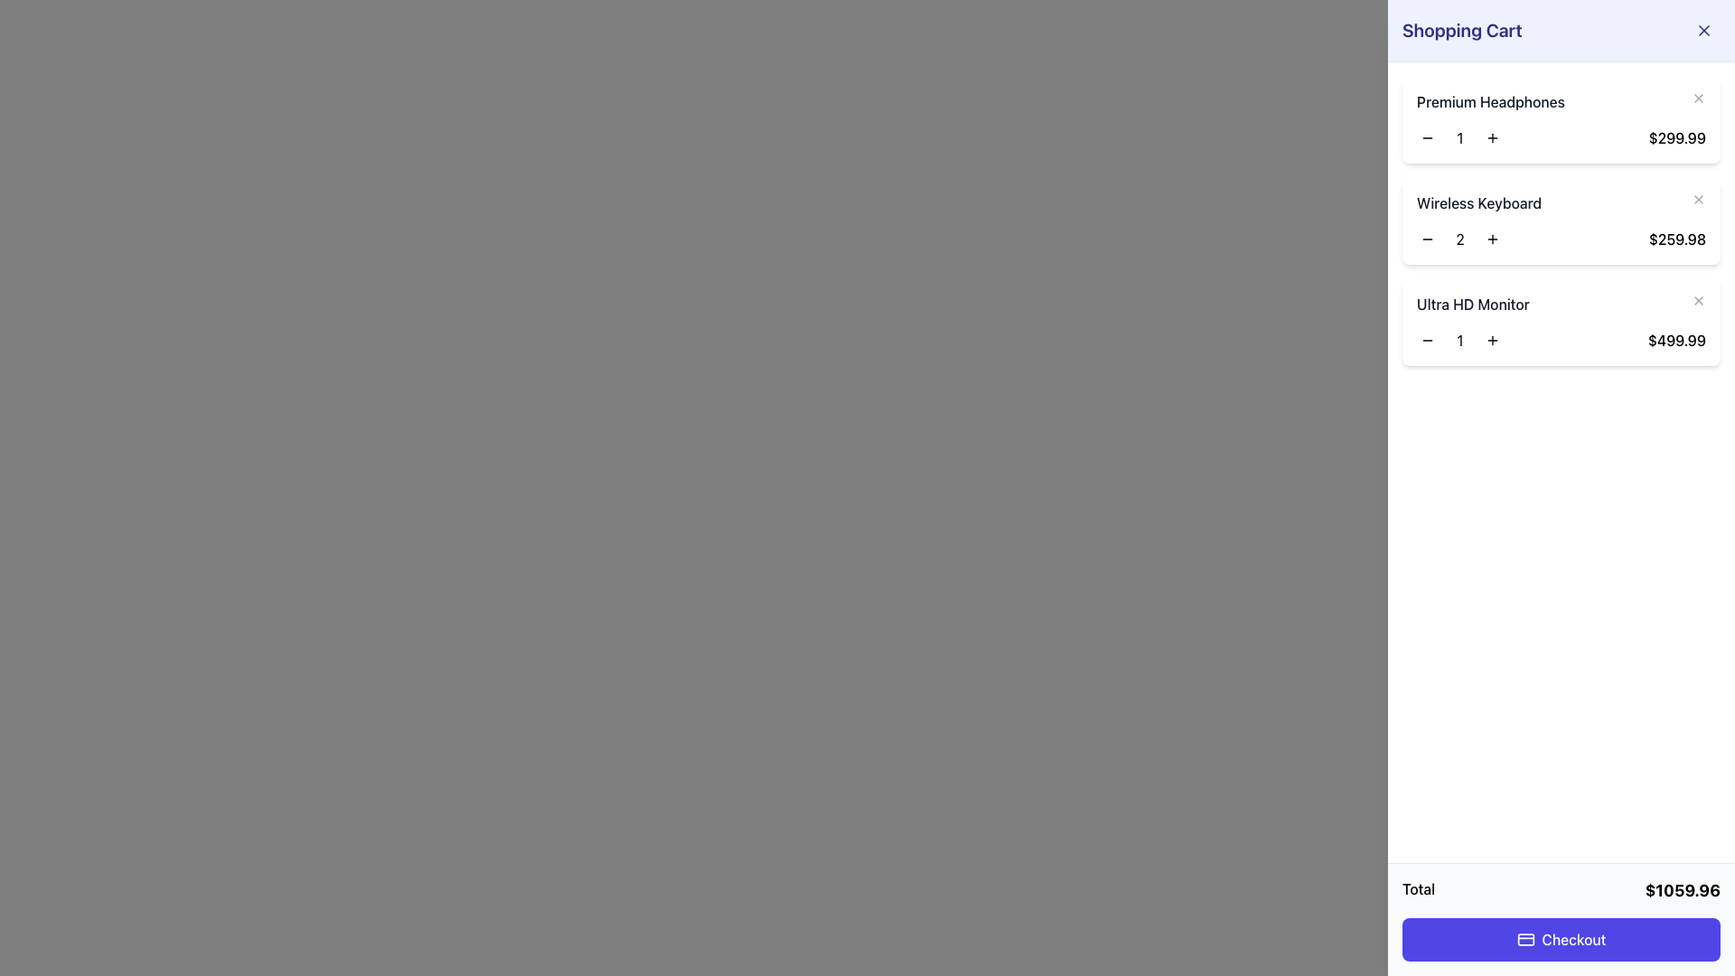 The height and width of the screenshot is (976, 1735). Describe the element at coordinates (1426, 239) in the screenshot. I see `the decrease quantity button for the 'Wireless Keyboard' in the shopping cart` at that location.